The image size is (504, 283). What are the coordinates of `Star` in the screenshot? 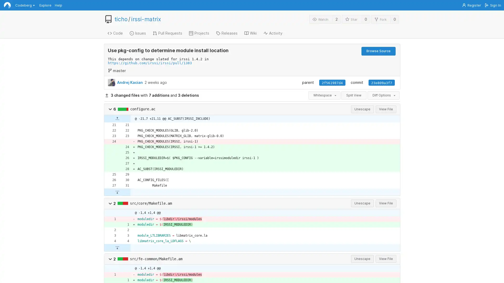 It's located at (351, 19).